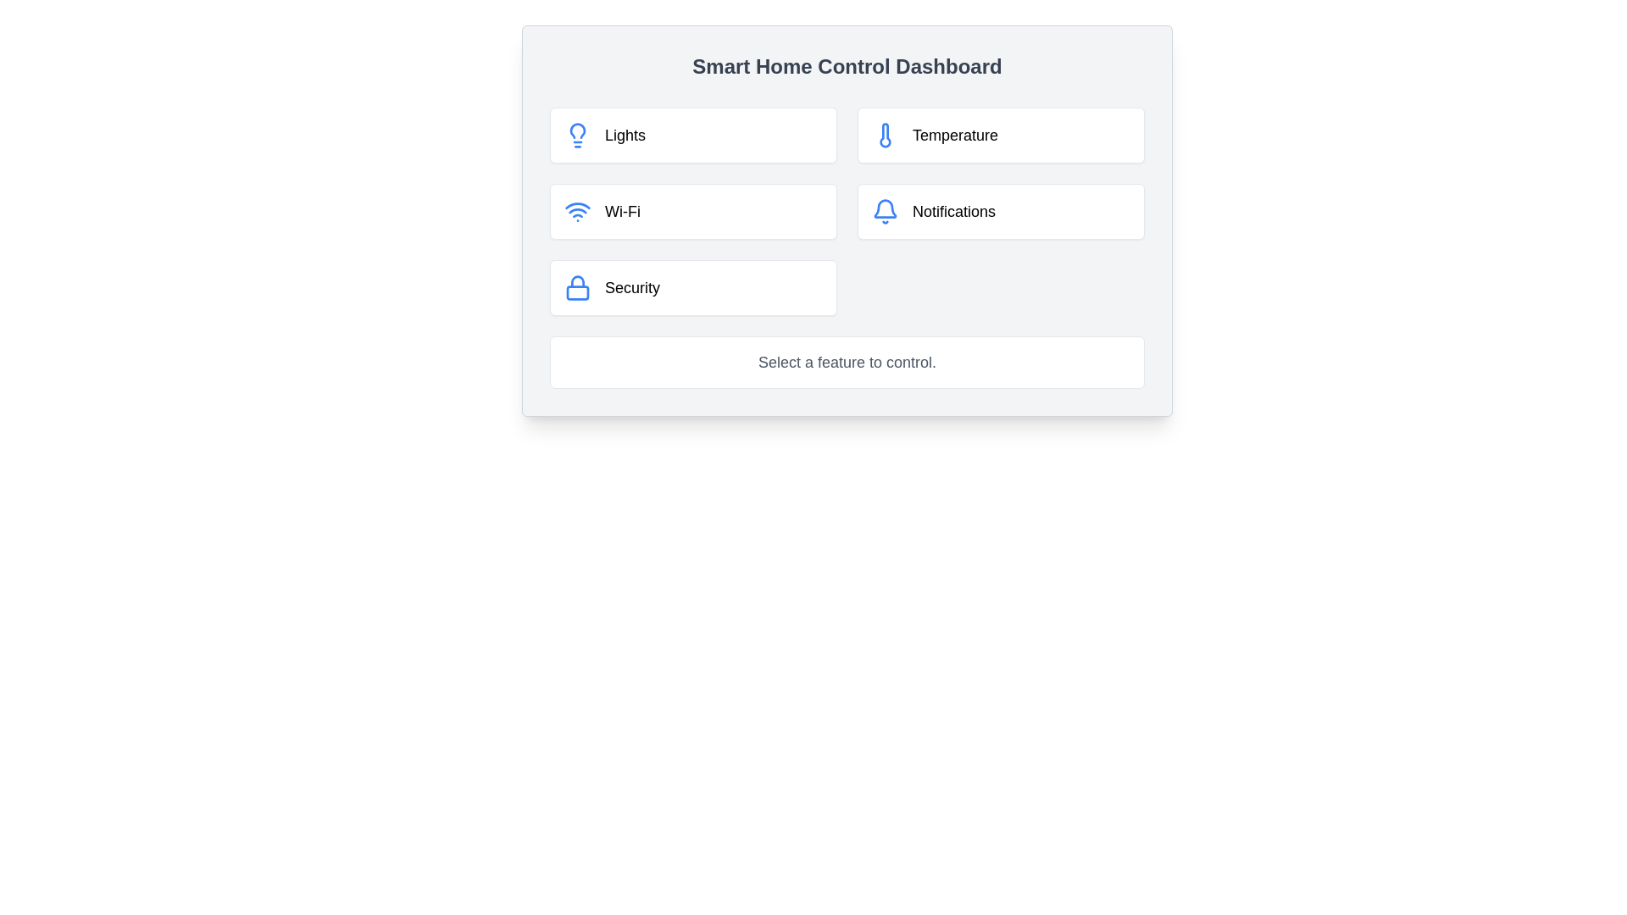 The height and width of the screenshot is (915, 1627). What do you see at coordinates (577, 205) in the screenshot?
I see `the first arc of the Wi-Fi symbol, which is a blue curved line in the Wi-Fi icon located in the second row of the control panel` at bounding box center [577, 205].